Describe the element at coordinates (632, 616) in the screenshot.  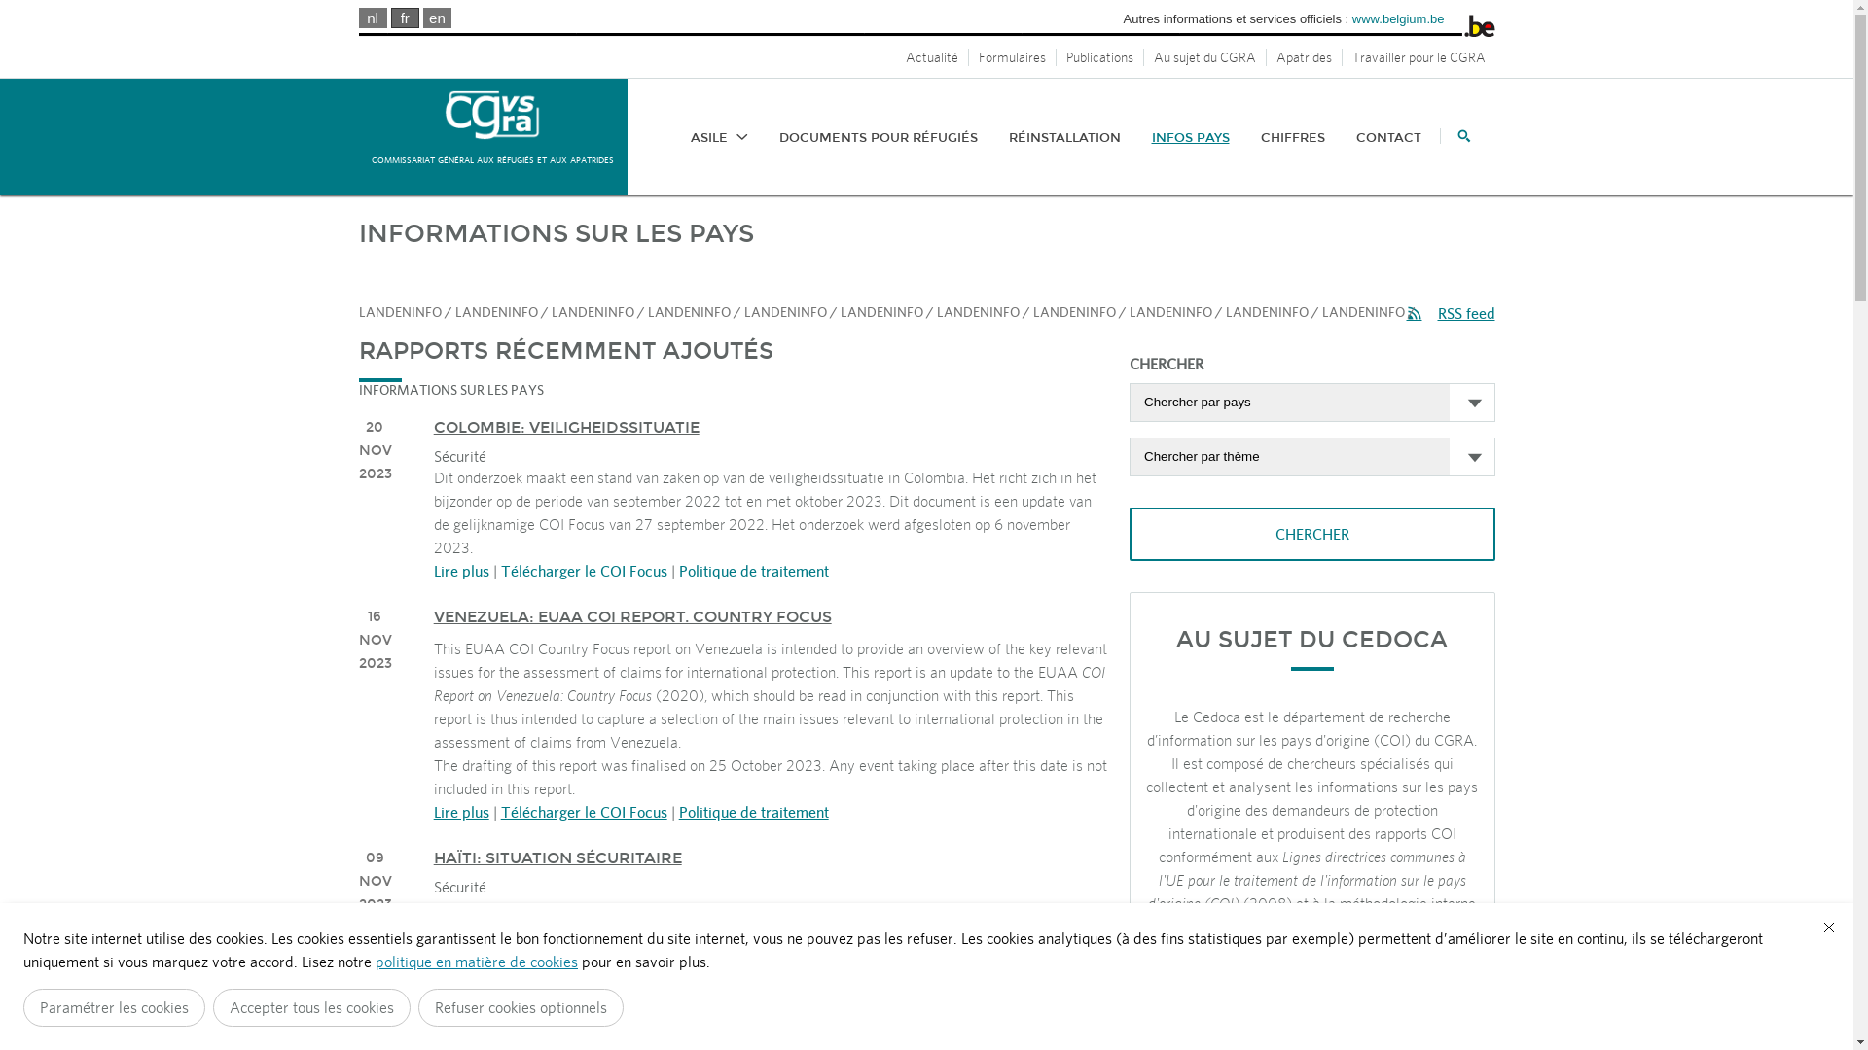
I see `'VENEZUELA: EUAA COI REPORT. COUNTRY FOCUS'` at that location.